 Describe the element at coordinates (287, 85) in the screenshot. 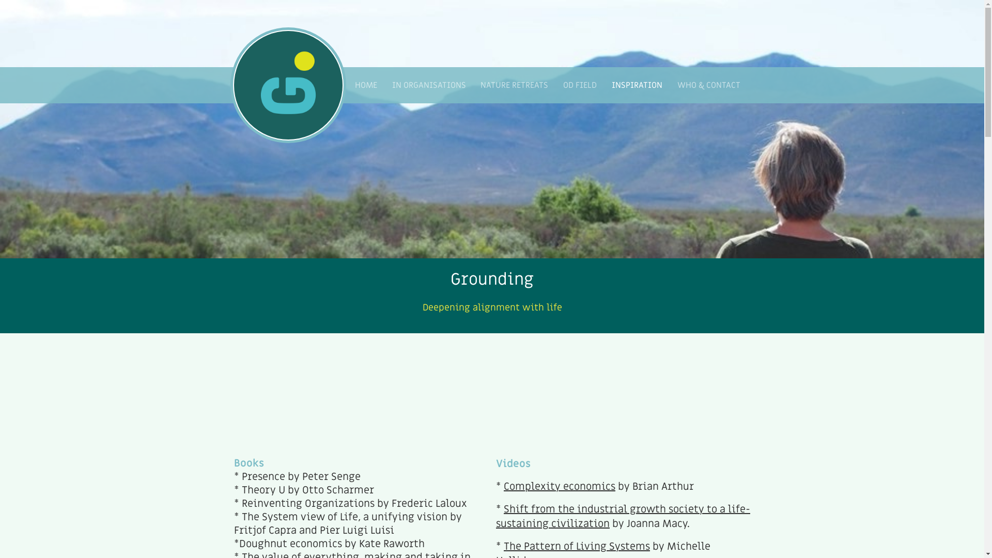

I see `' '` at that location.